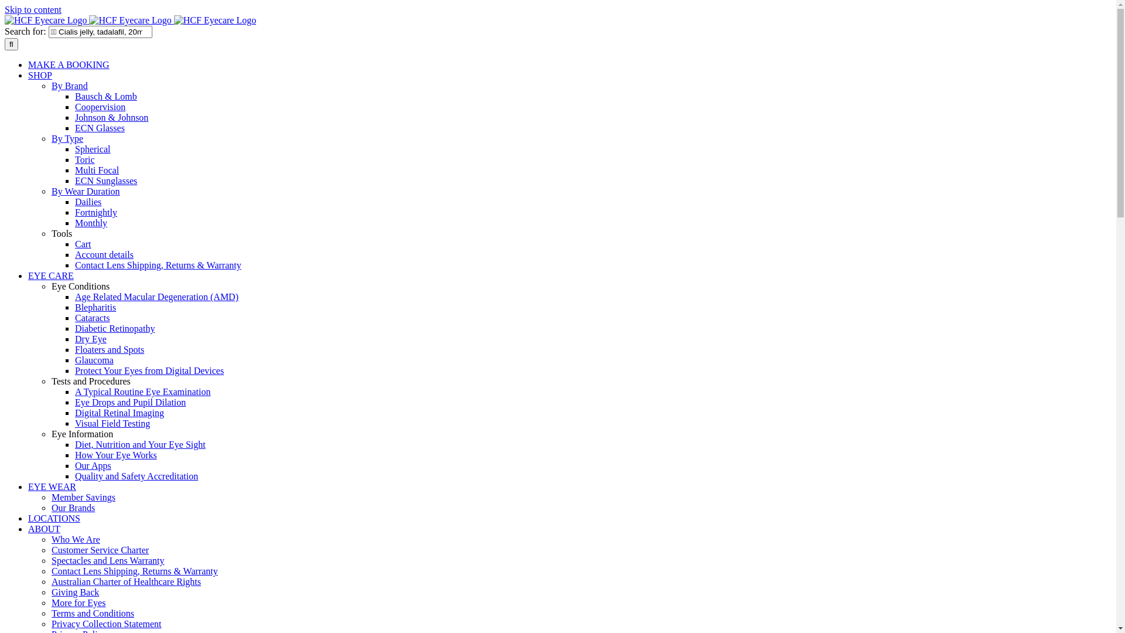 This screenshot has width=1125, height=633. I want to click on 'EYE WEAR', so click(28, 486).